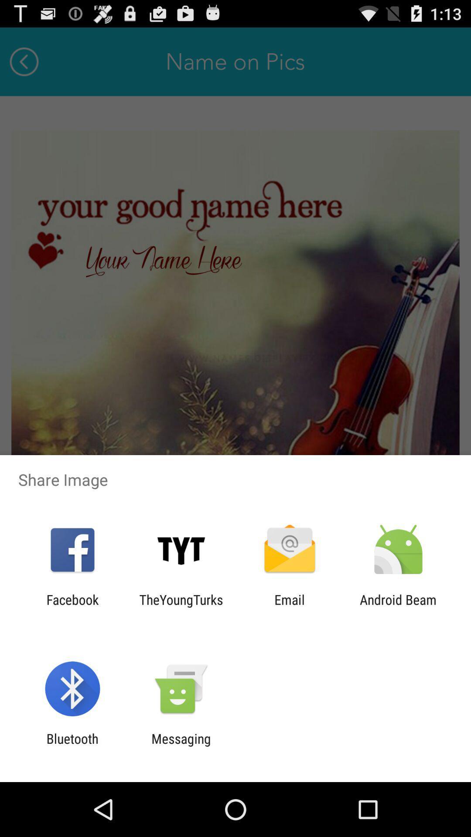  I want to click on the android beam icon, so click(398, 607).